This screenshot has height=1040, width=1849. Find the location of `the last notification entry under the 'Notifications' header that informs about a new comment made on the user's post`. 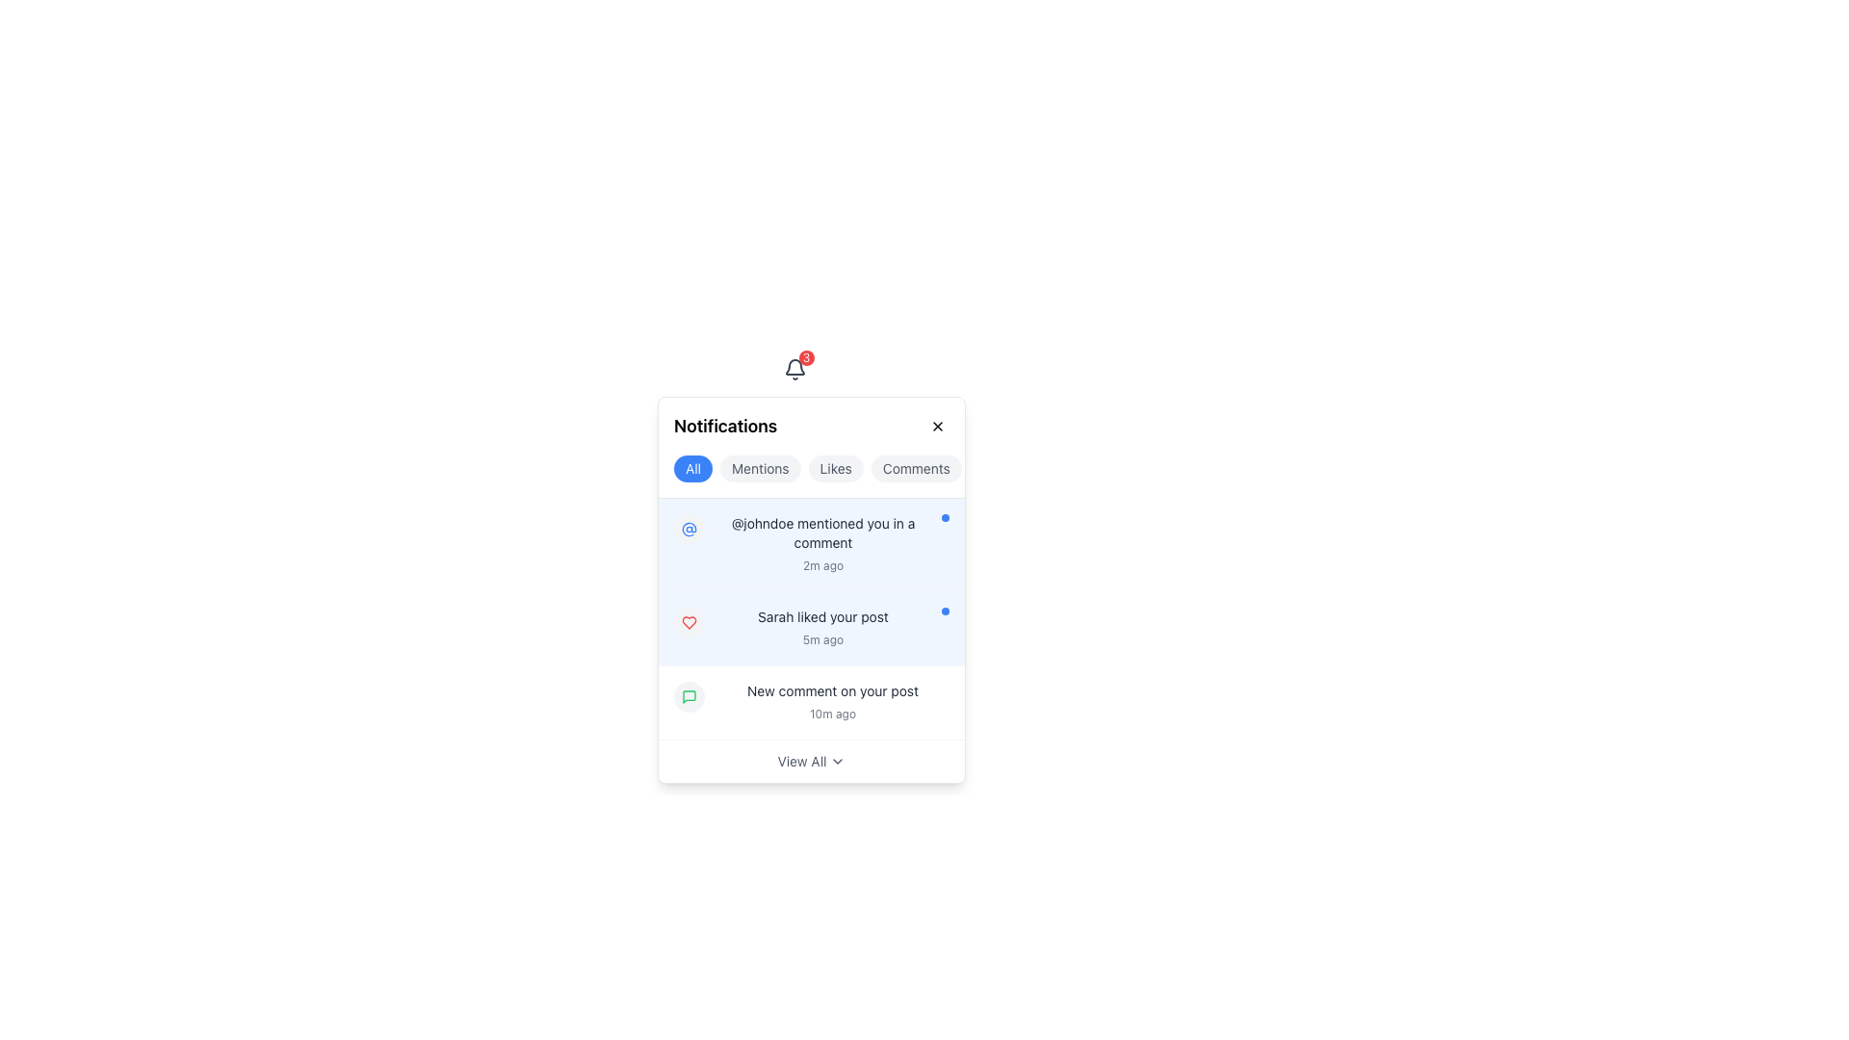

the last notification entry under the 'Notifications' header that informs about a new comment made on the user's post is located at coordinates (812, 702).